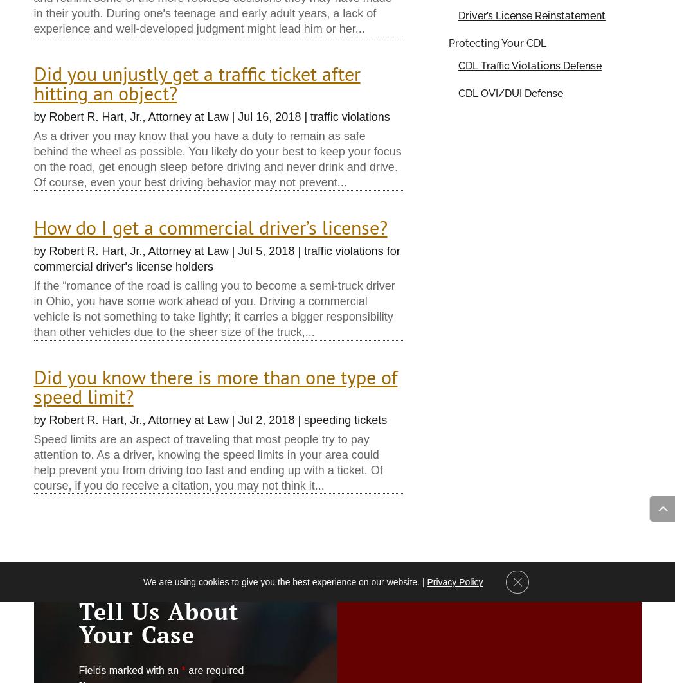 The width and height of the screenshot is (675, 683). What do you see at coordinates (350, 116) in the screenshot?
I see `'traffic violations'` at bounding box center [350, 116].